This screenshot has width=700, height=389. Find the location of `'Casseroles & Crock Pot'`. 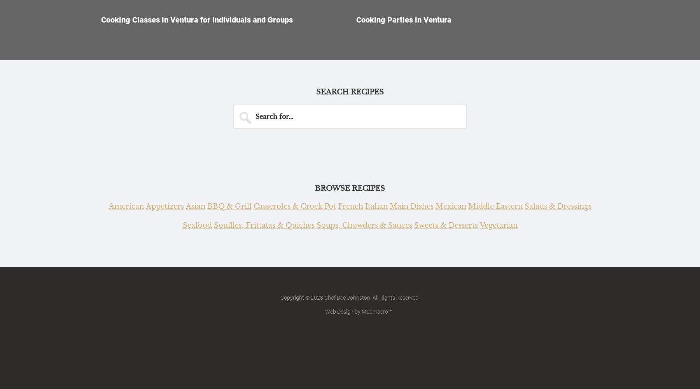

'Casseroles & Crock Pot' is located at coordinates (294, 206).